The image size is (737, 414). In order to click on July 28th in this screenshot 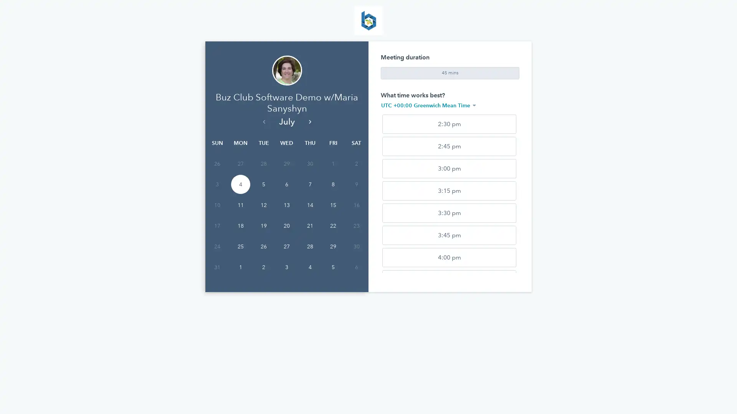, I will do `click(309, 246)`.